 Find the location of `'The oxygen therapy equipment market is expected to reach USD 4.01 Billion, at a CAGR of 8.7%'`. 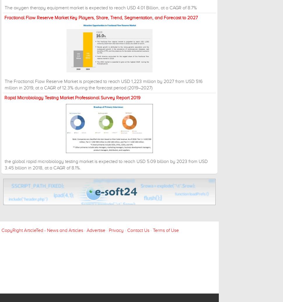

'The oxygen therapy equipment market is expected to reach USD 4.01 Billion, at a CAGR of 8.7%' is located at coordinates (100, 8).